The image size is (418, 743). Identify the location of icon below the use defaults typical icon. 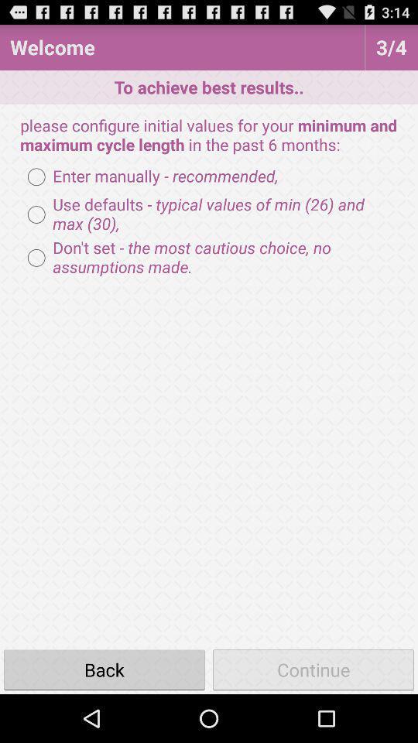
(209, 258).